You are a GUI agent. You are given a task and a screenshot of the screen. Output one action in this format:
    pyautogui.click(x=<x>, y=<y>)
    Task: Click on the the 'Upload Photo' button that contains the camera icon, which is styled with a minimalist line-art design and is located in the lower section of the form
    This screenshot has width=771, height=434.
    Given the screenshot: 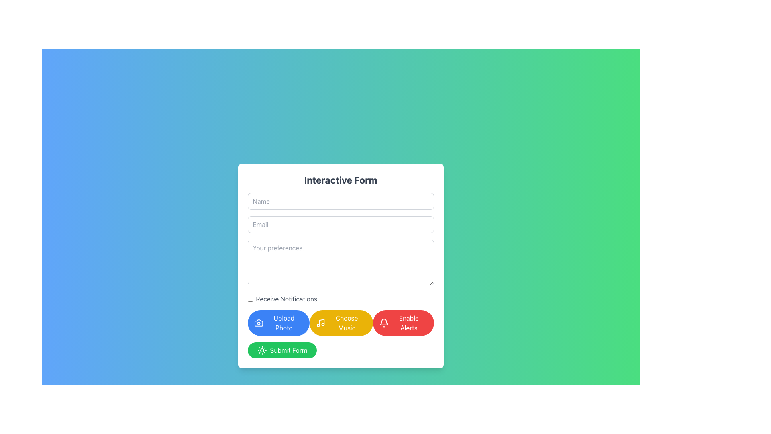 What is the action you would take?
    pyautogui.click(x=259, y=322)
    